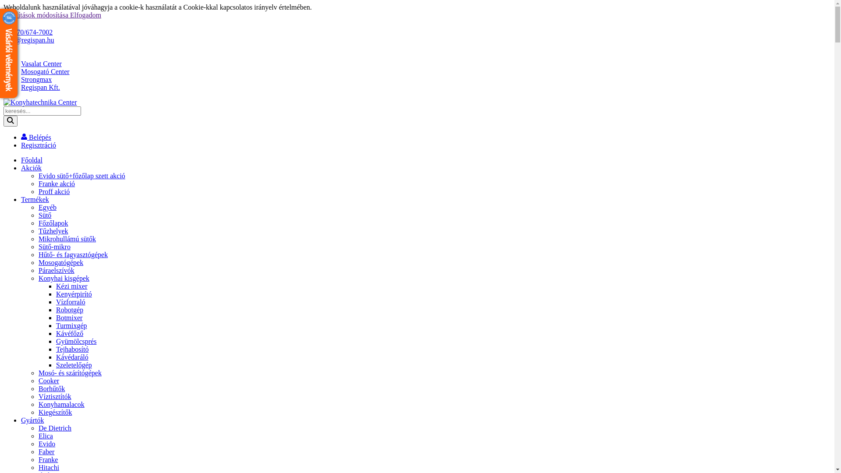 The width and height of the screenshot is (841, 473). I want to click on 'Cooker', so click(48, 380).